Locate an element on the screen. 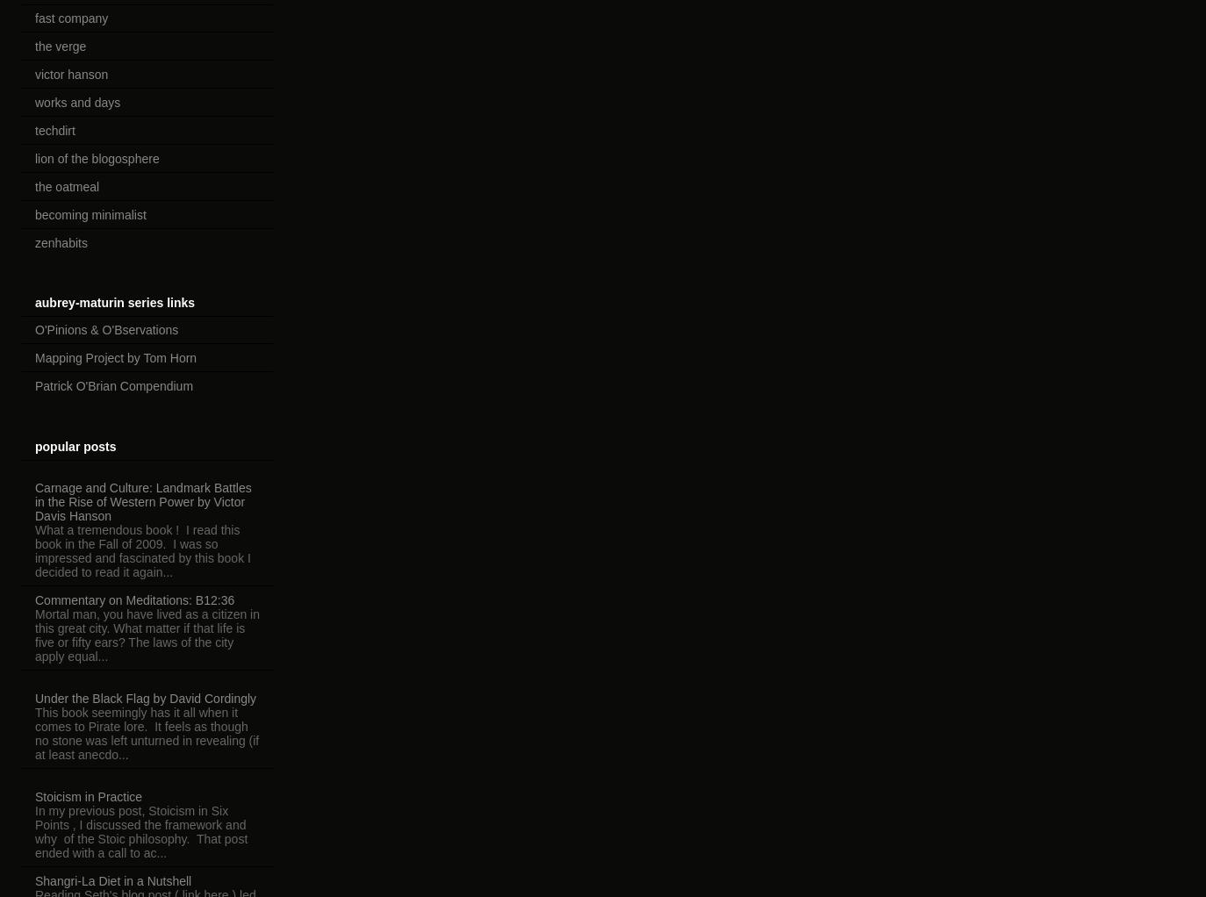 The image size is (1206, 897). 'In my previous post, Stoicism in Six Points , I discussed the framework and why  of the Stoic philosophy.  That post ended with a call to ac...' is located at coordinates (33, 830).